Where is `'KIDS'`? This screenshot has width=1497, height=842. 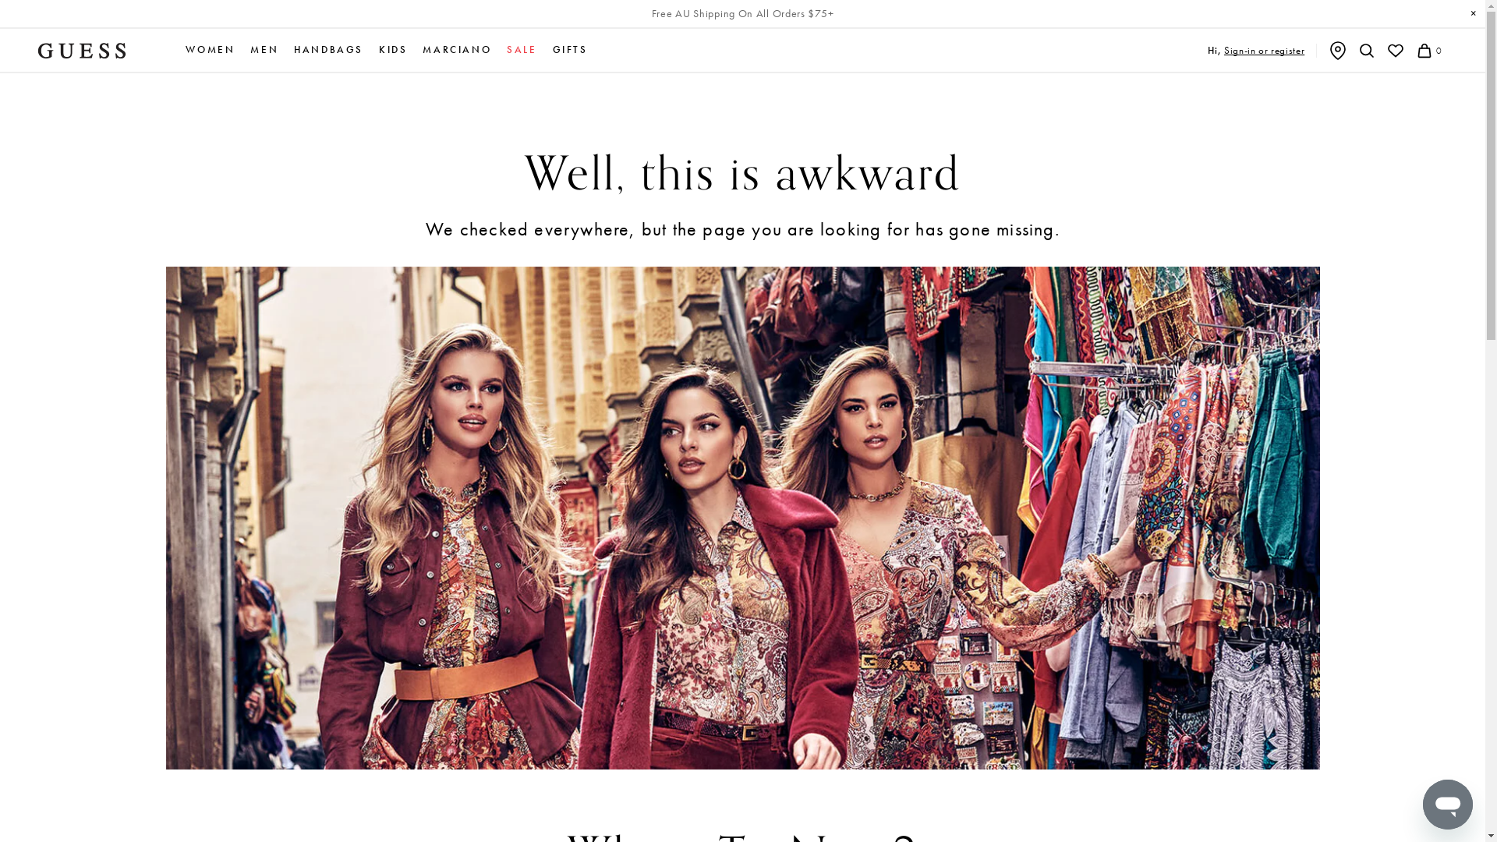
'KIDS' is located at coordinates (378, 49).